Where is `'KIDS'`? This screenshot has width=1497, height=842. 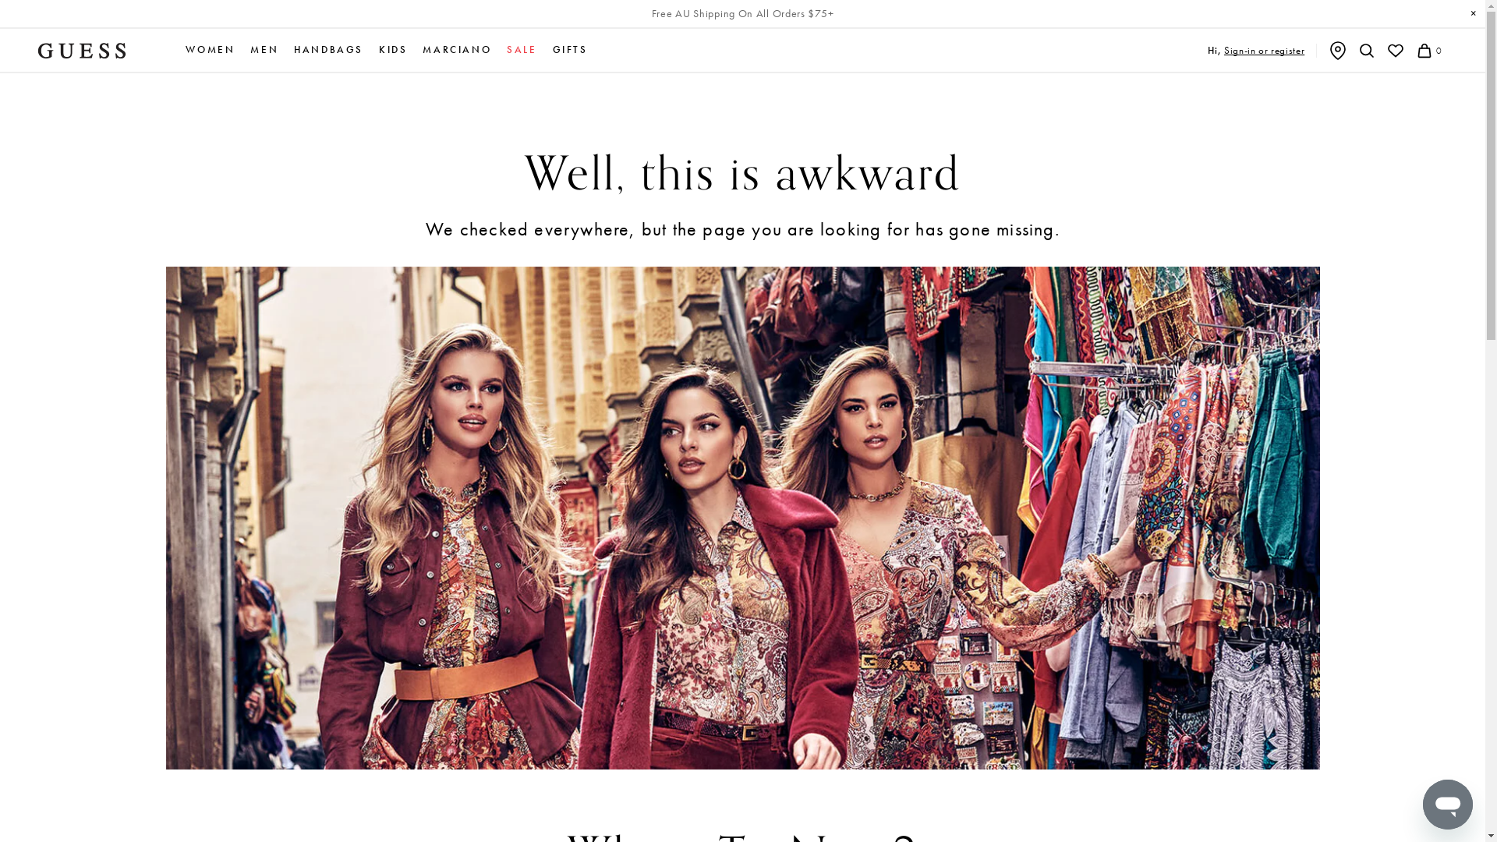
'KIDS' is located at coordinates (378, 49).